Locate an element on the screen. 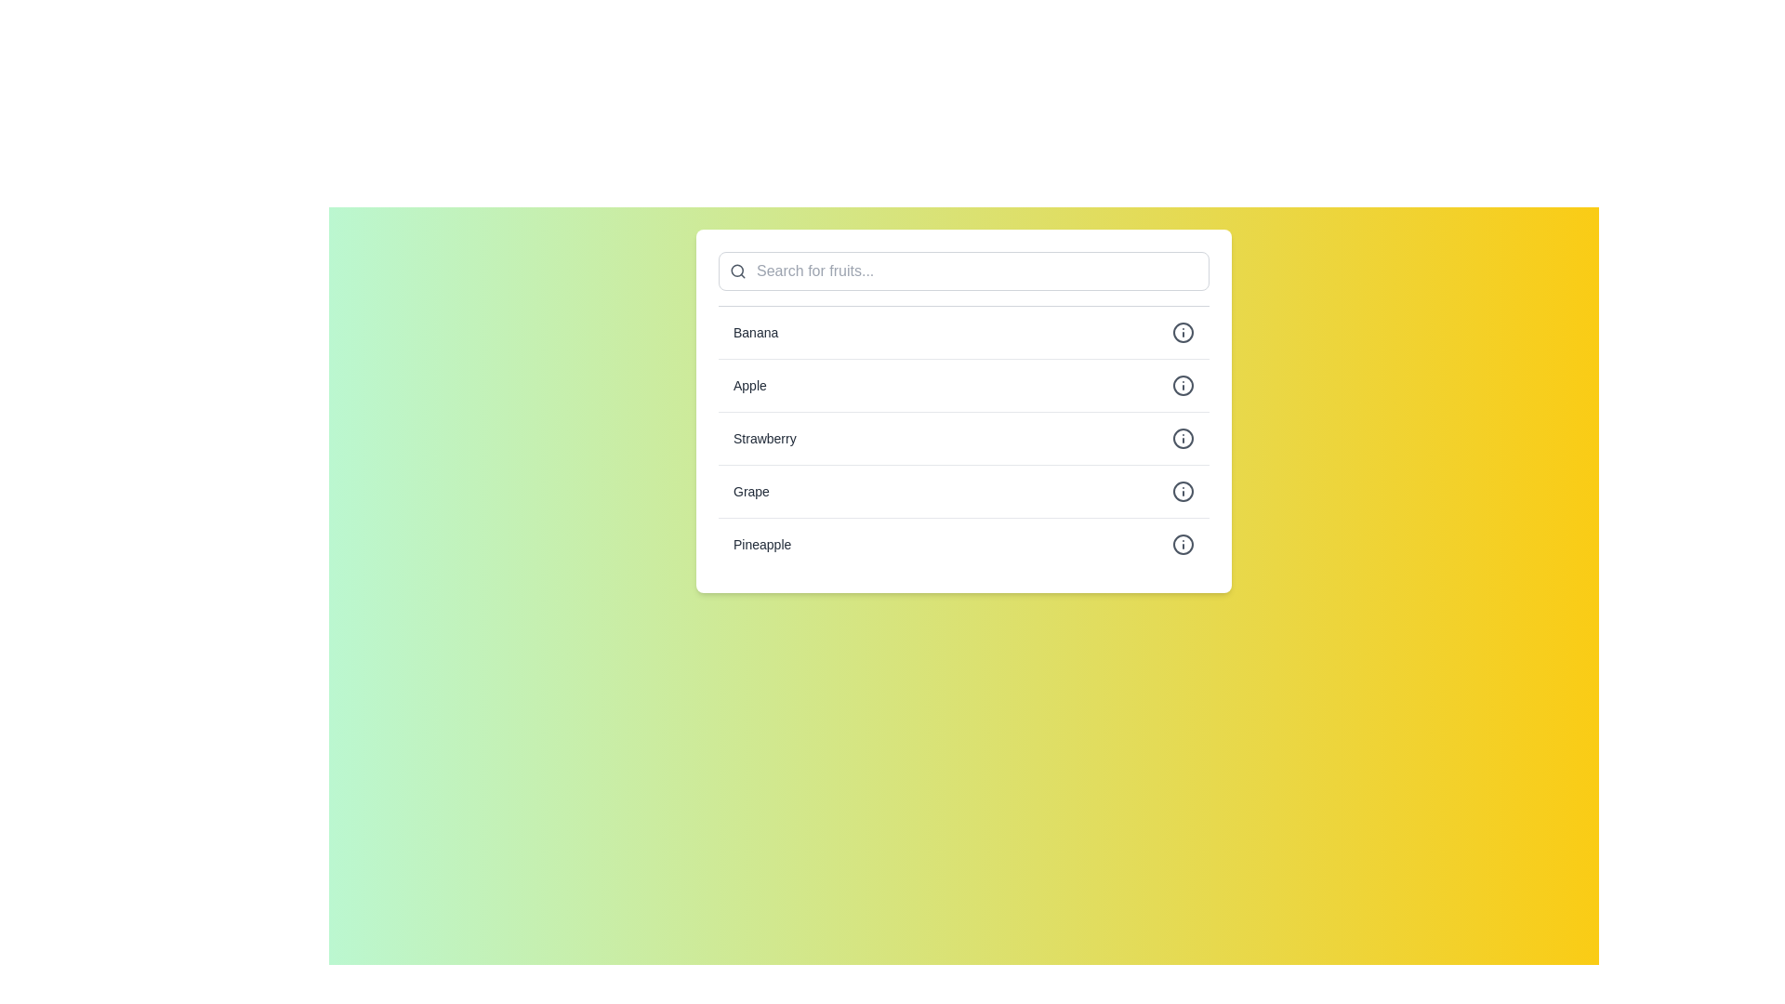  the information icon button located to the far right of the 'Grape' list item is located at coordinates (1182, 490).